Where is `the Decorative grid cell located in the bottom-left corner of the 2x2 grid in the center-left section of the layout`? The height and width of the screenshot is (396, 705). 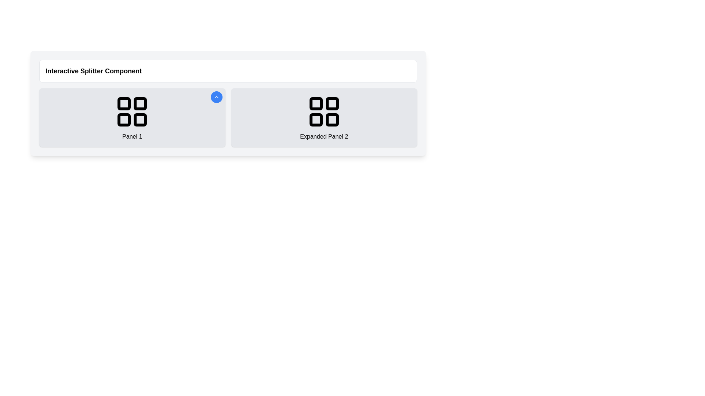
the Decorative grid cell located in the bottom-left corner of the 2x2 grid in the center-left section of the layout is located at coordinates (124, 120).